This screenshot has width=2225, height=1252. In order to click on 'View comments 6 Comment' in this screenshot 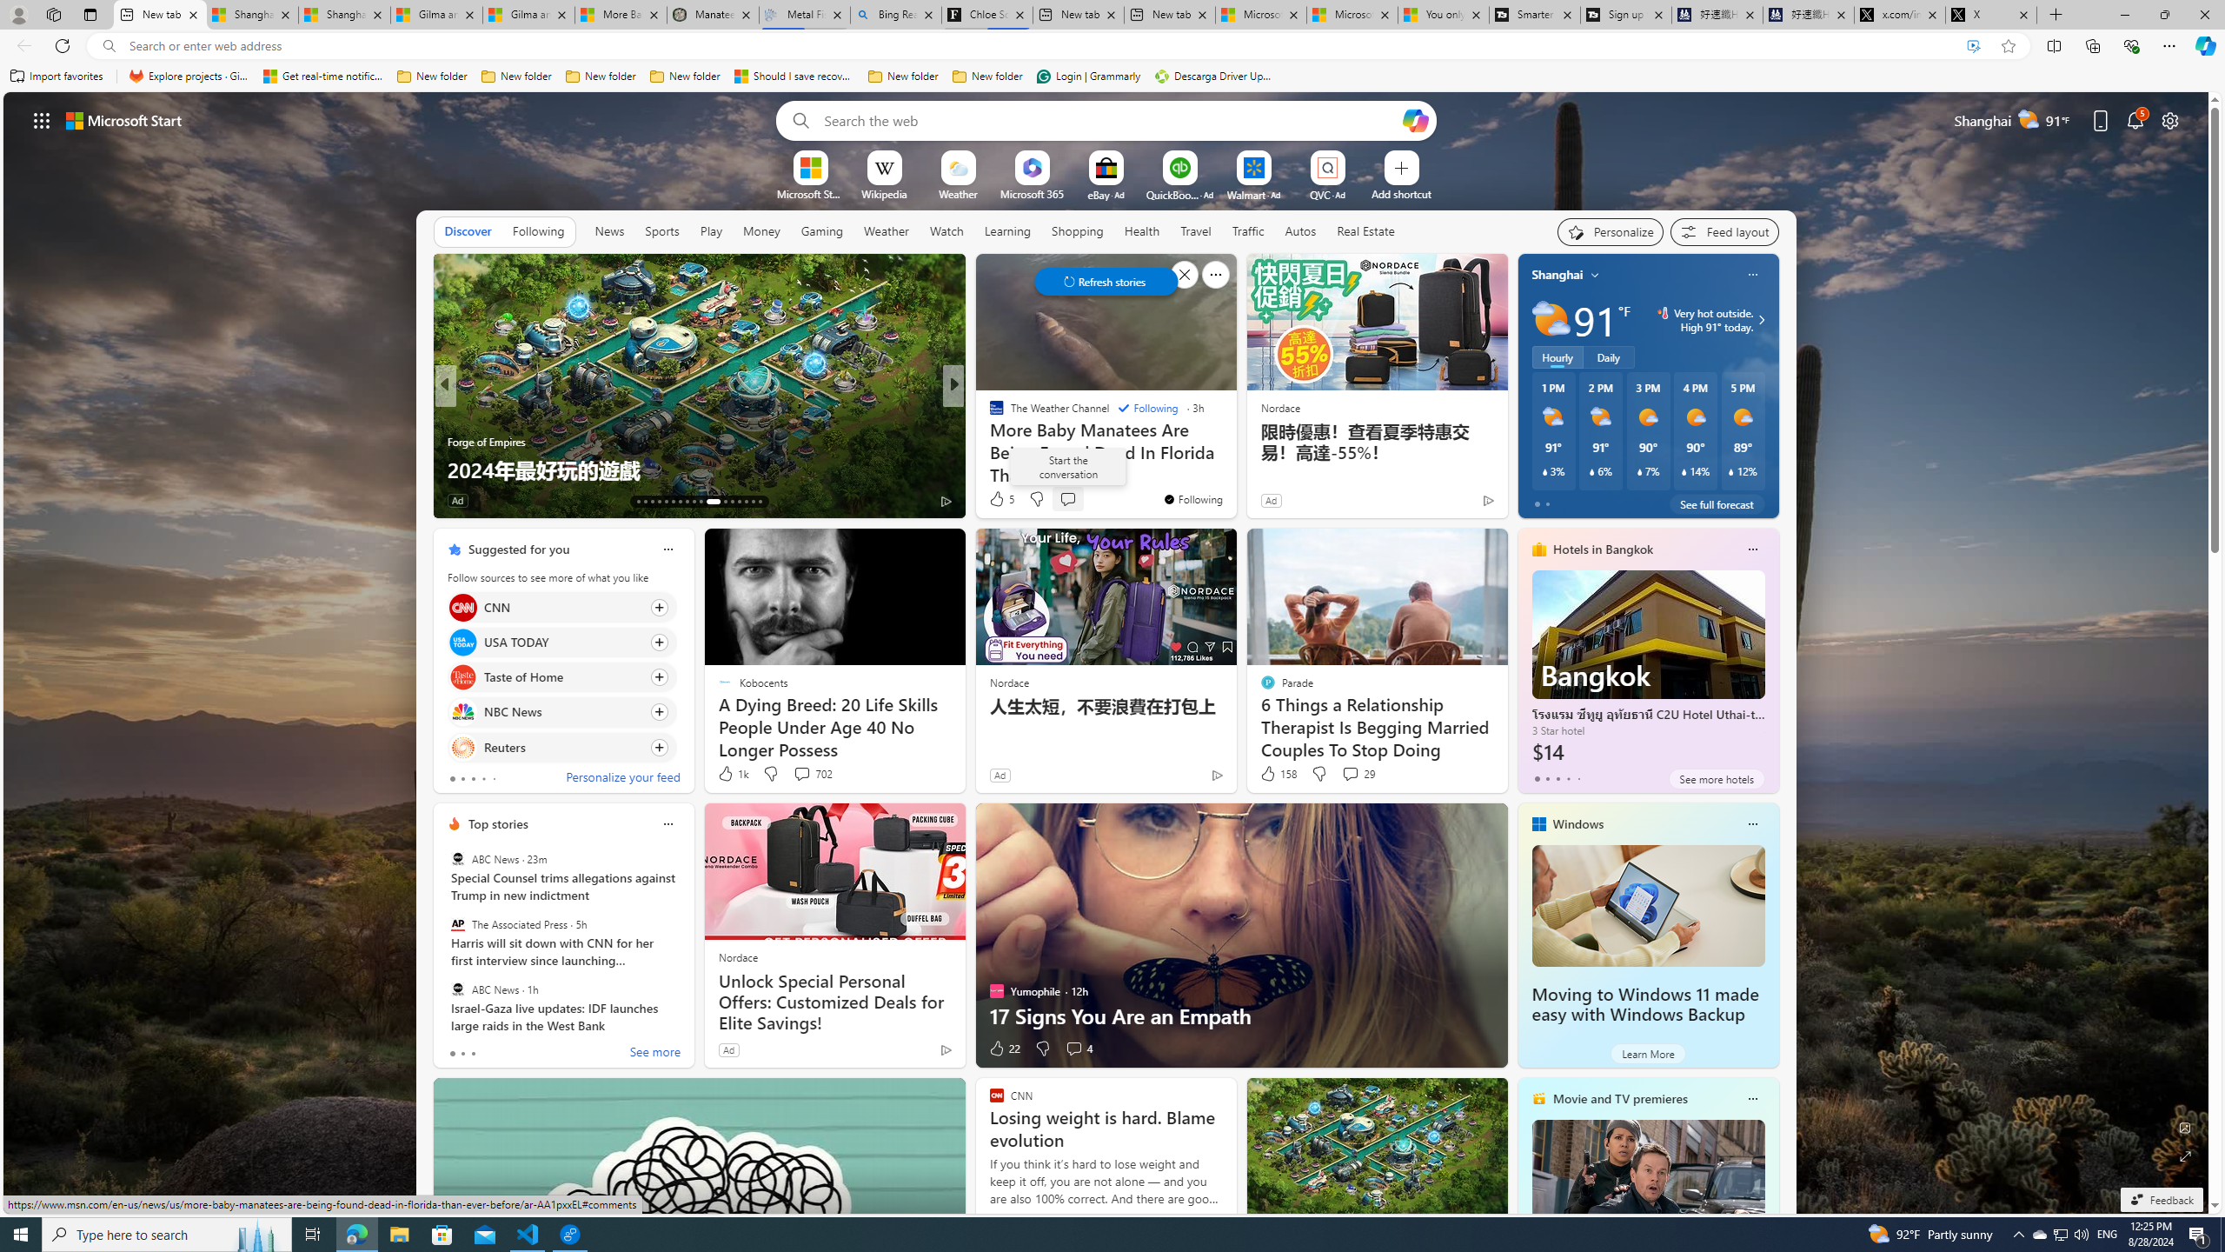, I will do `click(1078, 500)`.